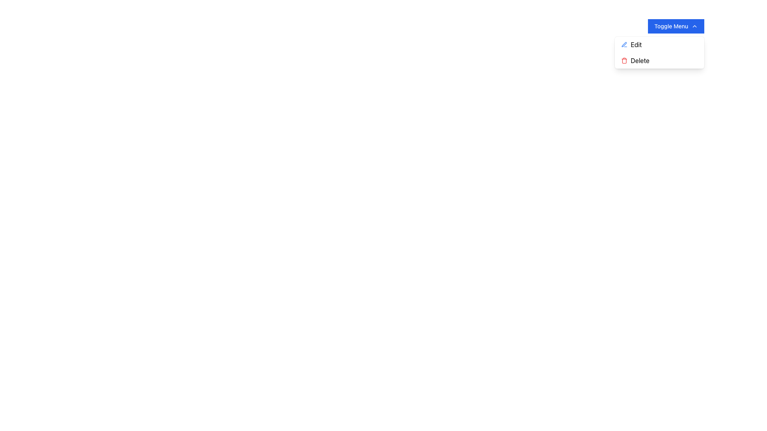 Image resolution: width=767 pixels, height=431 pixels. What do you see at coordinates (675, 26) in the screenshot?
I see `the Dropdown Toggle Button with blue background and white text reading 'Toggle Menu'` at bounding box center [675, 26].